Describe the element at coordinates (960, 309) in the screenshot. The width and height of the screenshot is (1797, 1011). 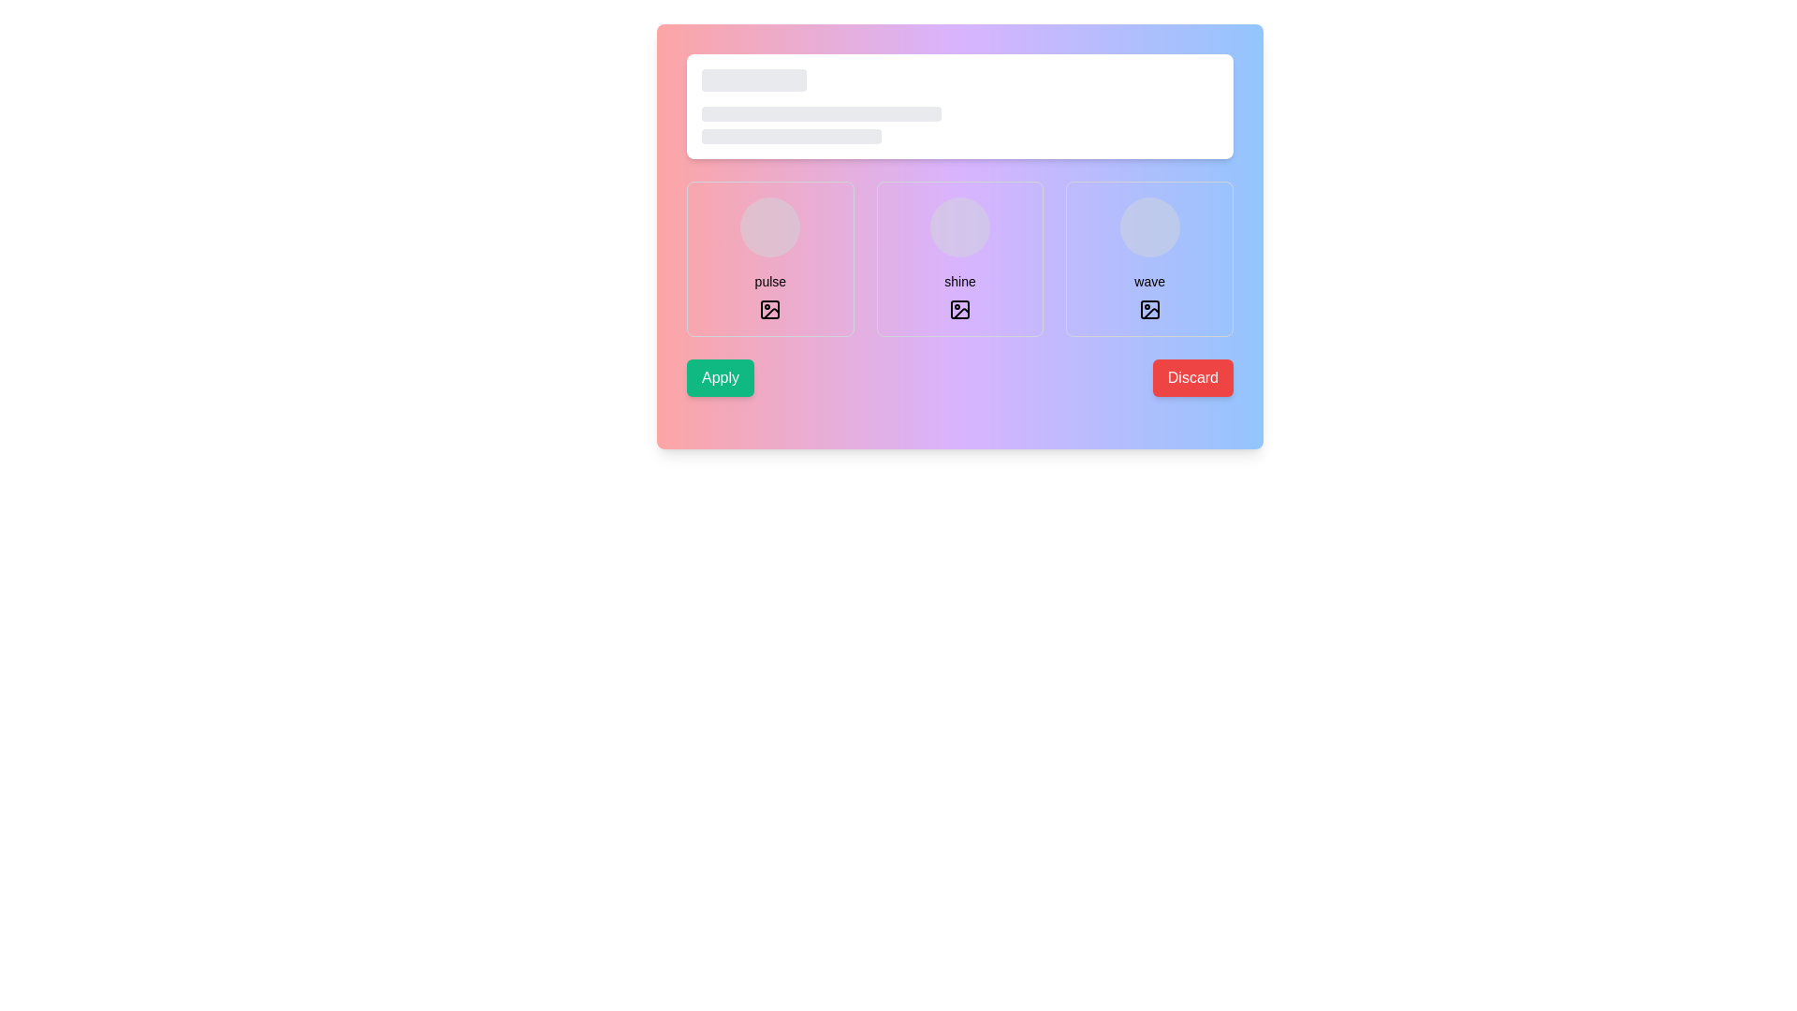
I see `the icon resembling an image placeholder with rounded corners, displaying a circle and diagonal line, located within the 'shine' card at the specified coordinates` at that location.